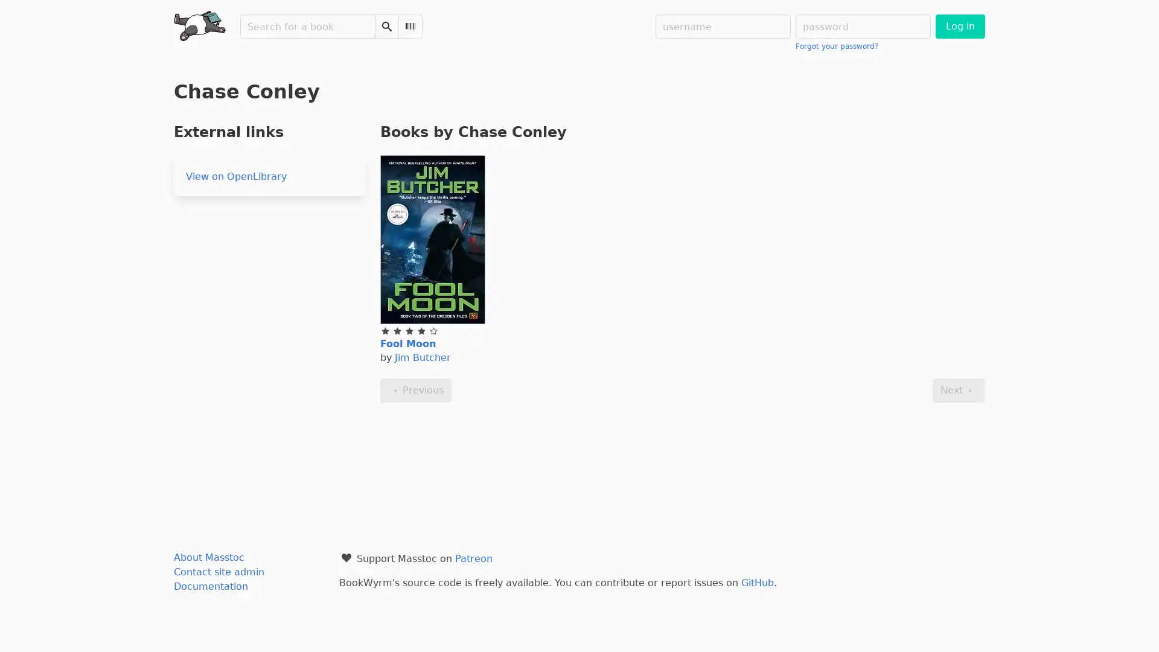 The width and height of the screenshot is (1159, 652). I want to click on Scan Barcode, so click(410, 26).